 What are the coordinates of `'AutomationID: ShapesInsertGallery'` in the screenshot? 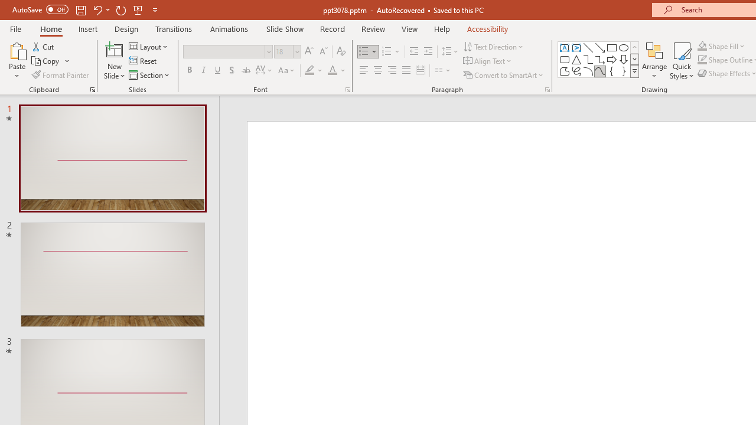 It's located at (599, 59).